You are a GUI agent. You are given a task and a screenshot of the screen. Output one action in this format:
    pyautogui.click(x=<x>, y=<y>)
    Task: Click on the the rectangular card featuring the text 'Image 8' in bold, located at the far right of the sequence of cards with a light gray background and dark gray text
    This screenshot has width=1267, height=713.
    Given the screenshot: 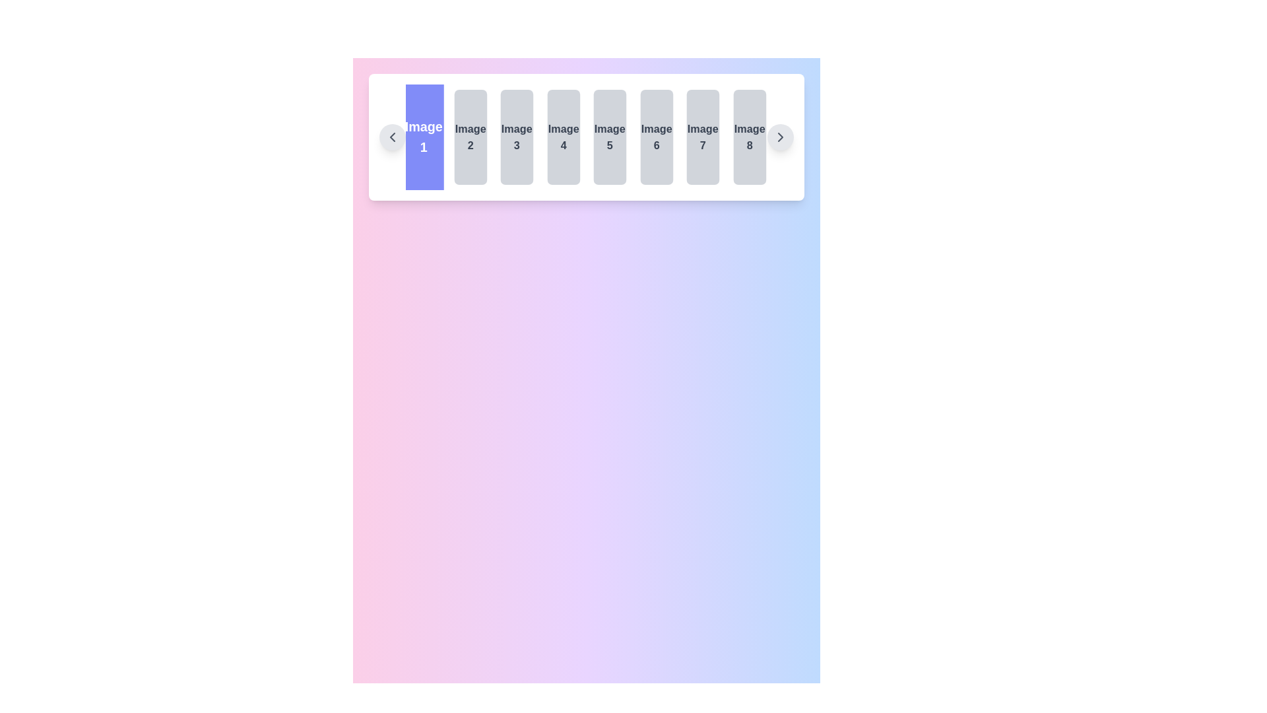 What is the action you would take?
    pyautogui.click(x=749, y=137)
    